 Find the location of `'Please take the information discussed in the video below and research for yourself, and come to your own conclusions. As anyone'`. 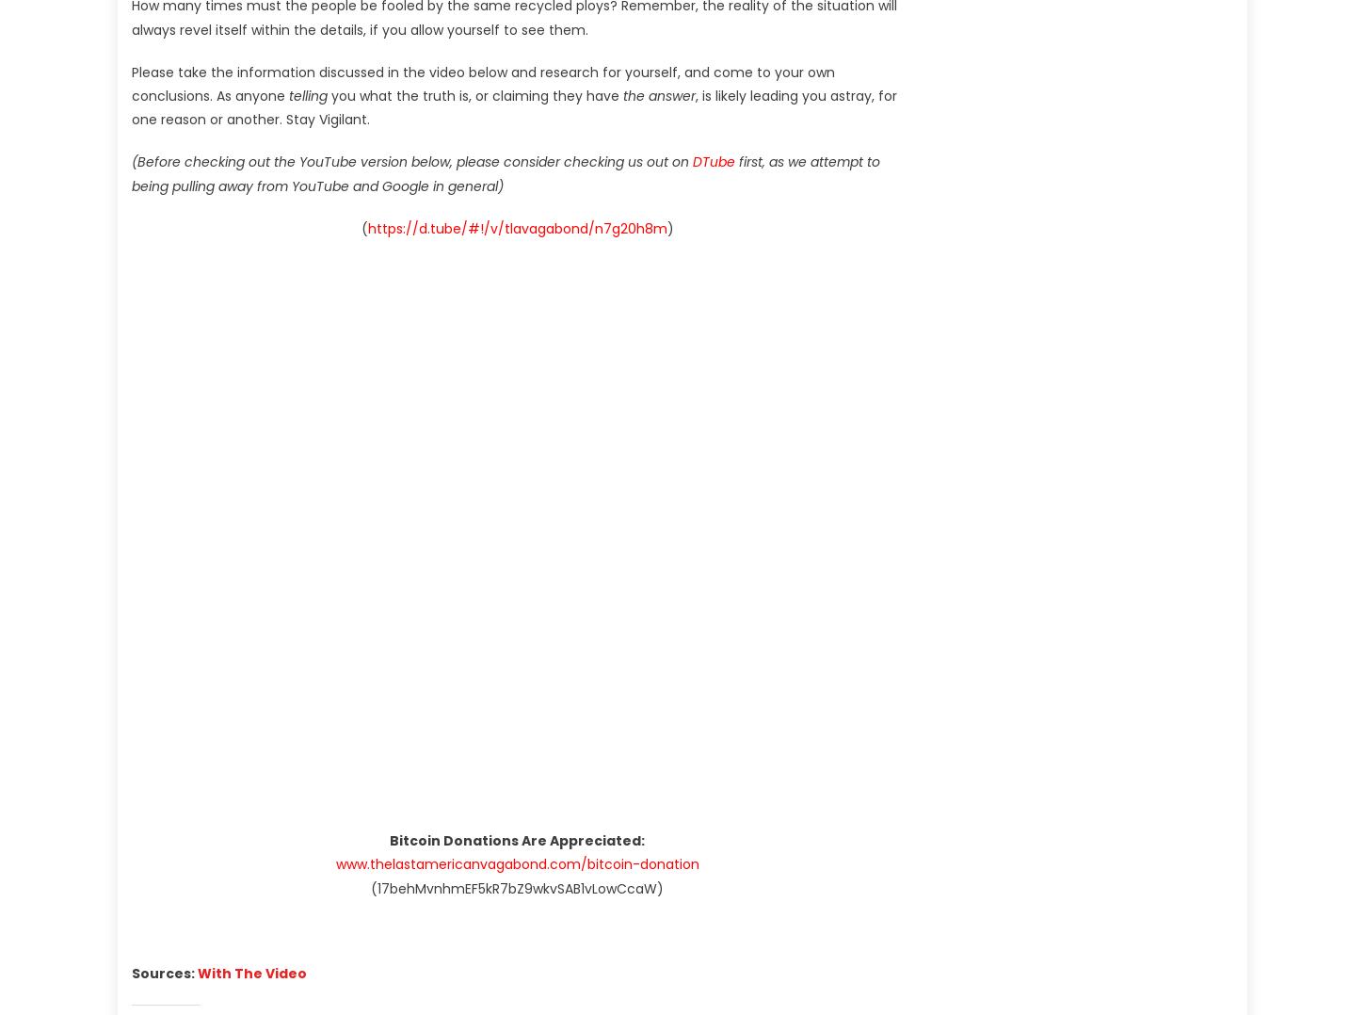

'Please take the information discussed in the video below and research for yourself, and come to your own conclusions. As anyone' is located at coordinates (483, 83).